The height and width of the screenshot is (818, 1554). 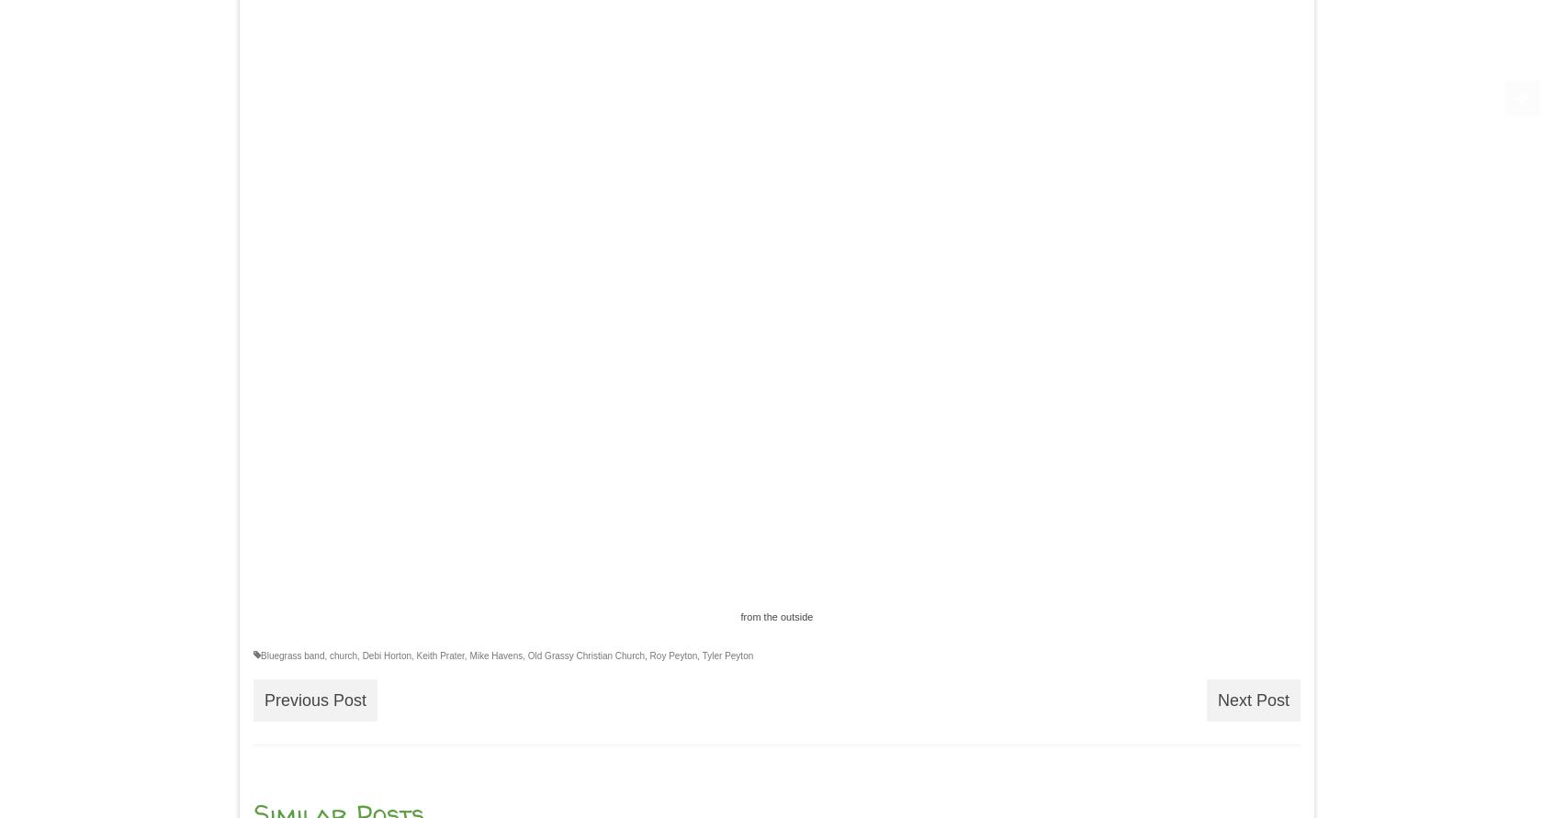 What do you see at coordinates (586, 655) in the screenshot?
I see `'Old Grassy Christian Church'` at bounding box center [586, 655].